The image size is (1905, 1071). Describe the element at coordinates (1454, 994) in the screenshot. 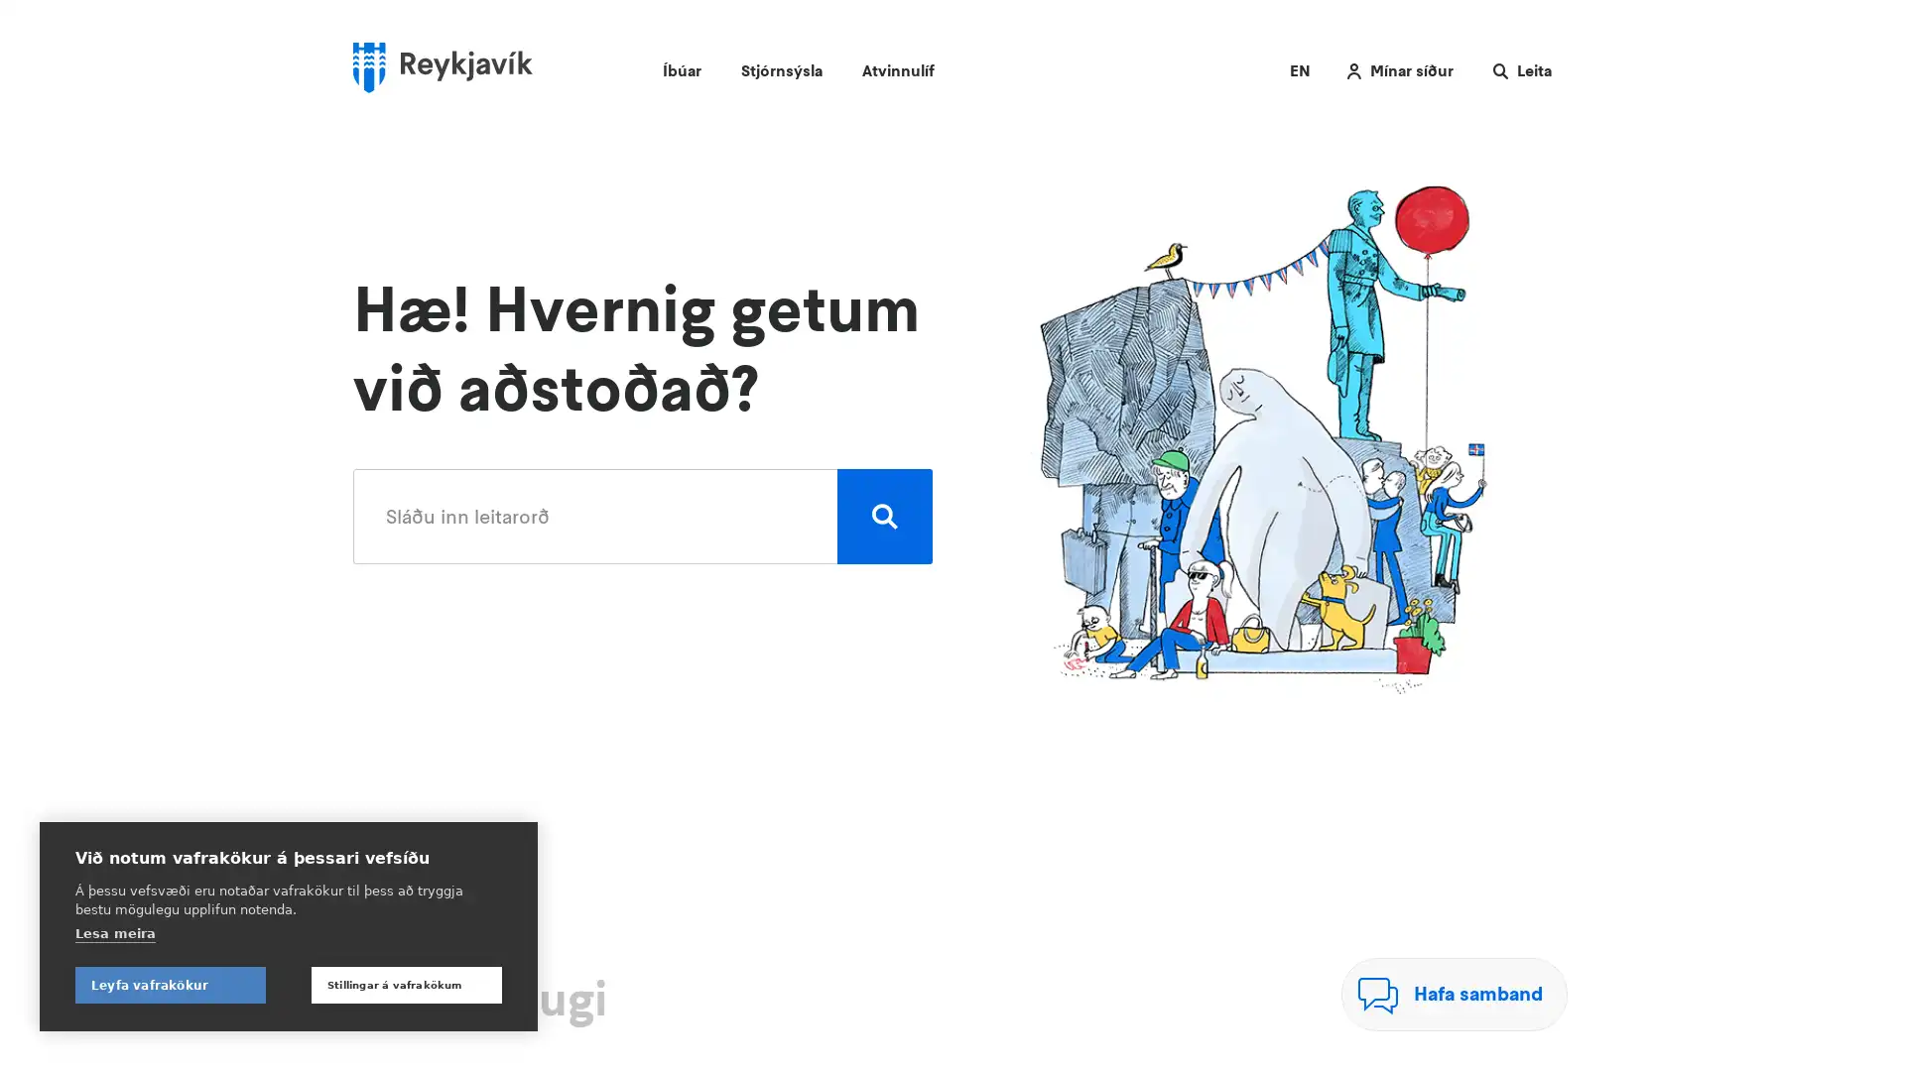

I see `Hafa samband` at that location.